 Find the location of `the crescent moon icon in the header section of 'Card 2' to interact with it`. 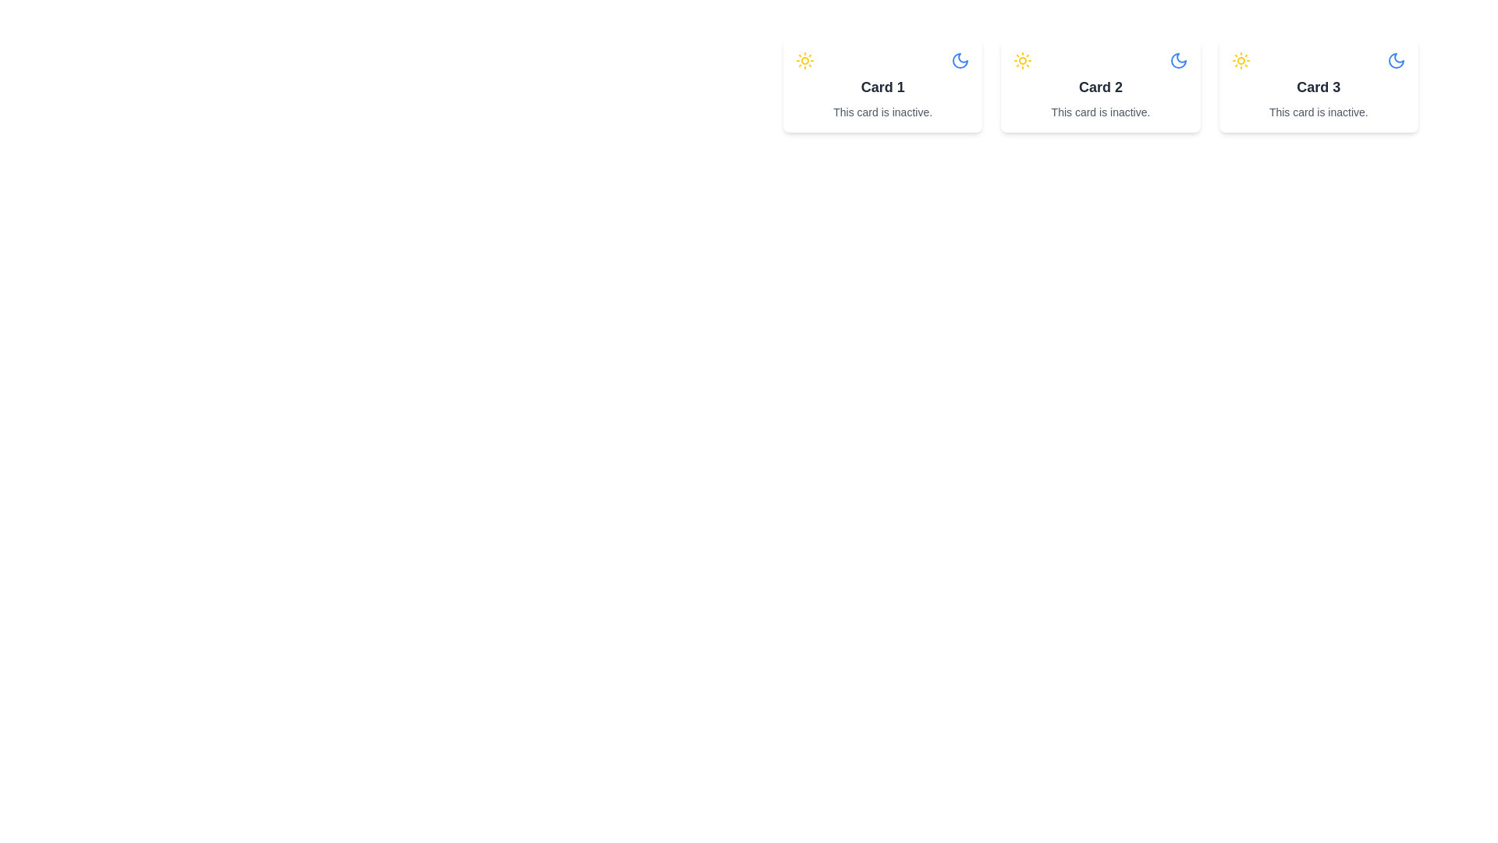

the crescent moon icon in the header section of 'Card 2' to interact with it is located at coordinates (1178, 59).